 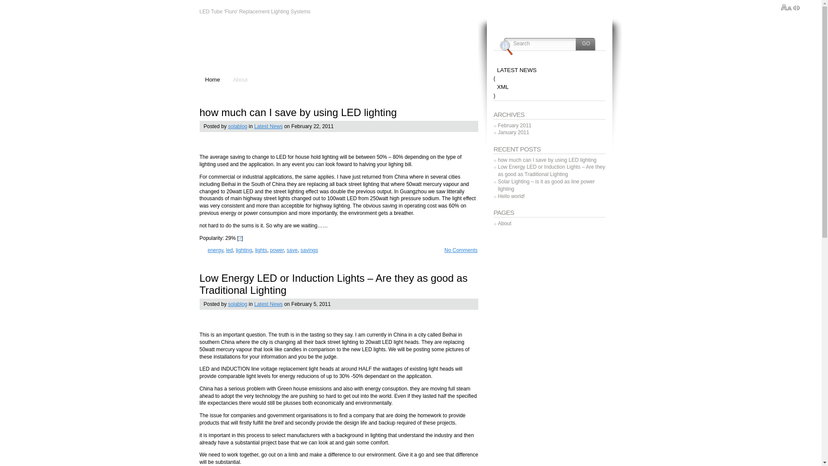 What do you see at coordinates (786, 8) in the screenshot?
I see `'Increase/Decrease text size'` at bounding box center [786, 8].